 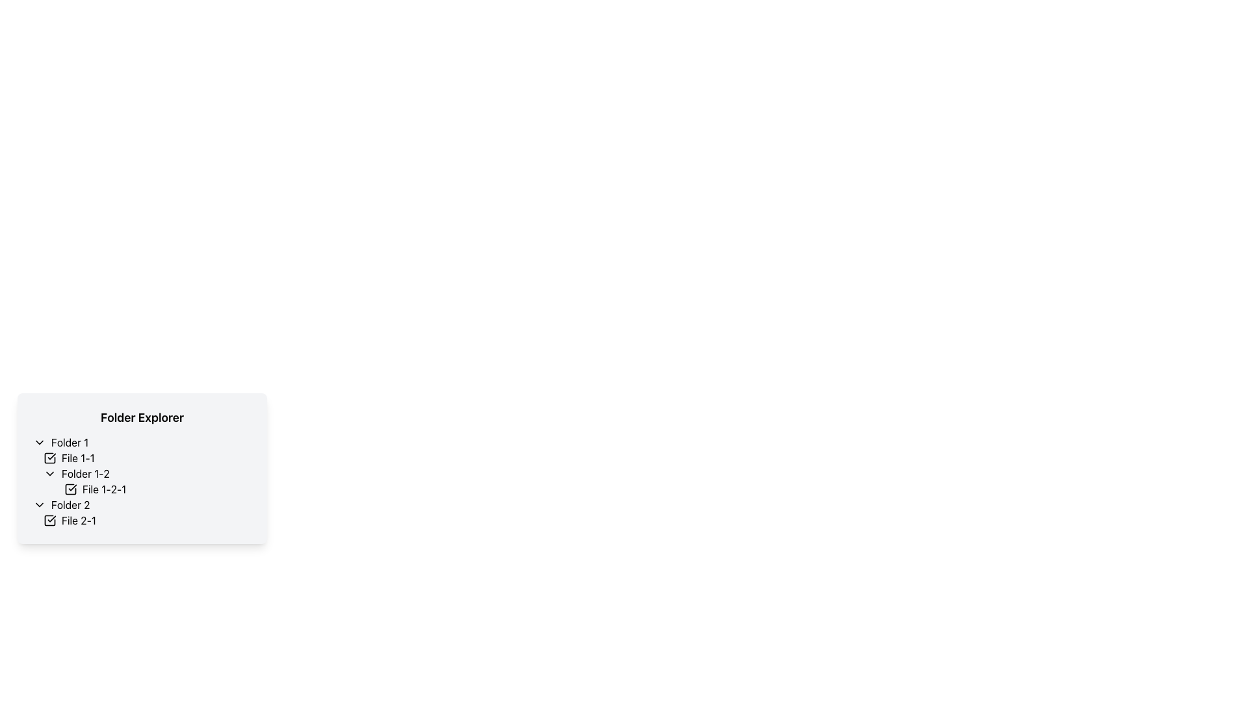 I want to click on the text label that describes the file item located to the right of the checkbox-like icon within the second-level folder (Folder 1-2) under the first main folder (Folder 1), so click(x=104, y=489).